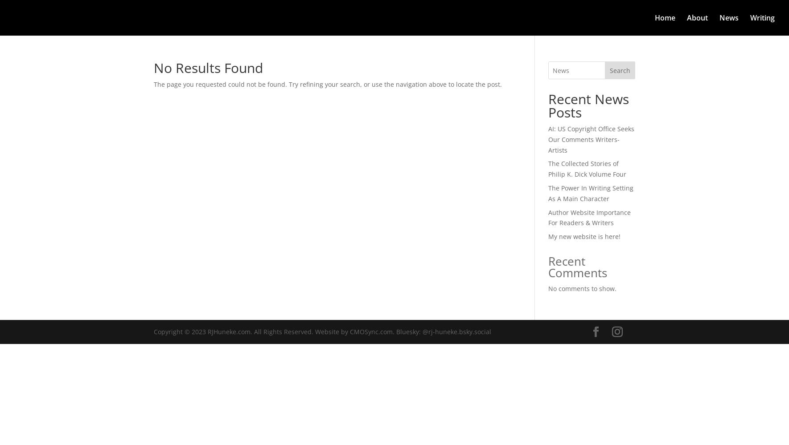 The image size is (789, 445). What do you see at coordinates (327, 84) in the screenshot?
I see `'The page you requested could not be found. Try refining your search, or use the navigation above to locate the post.'` at bounding box center [327, 84].